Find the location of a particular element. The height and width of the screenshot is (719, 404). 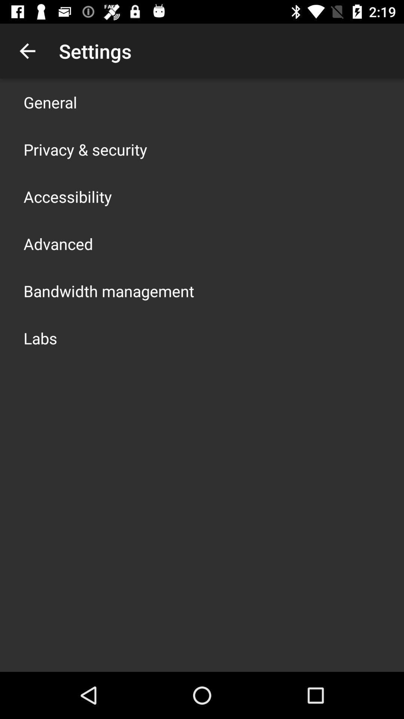

the accessibility item is located at coordinates (68, 196).